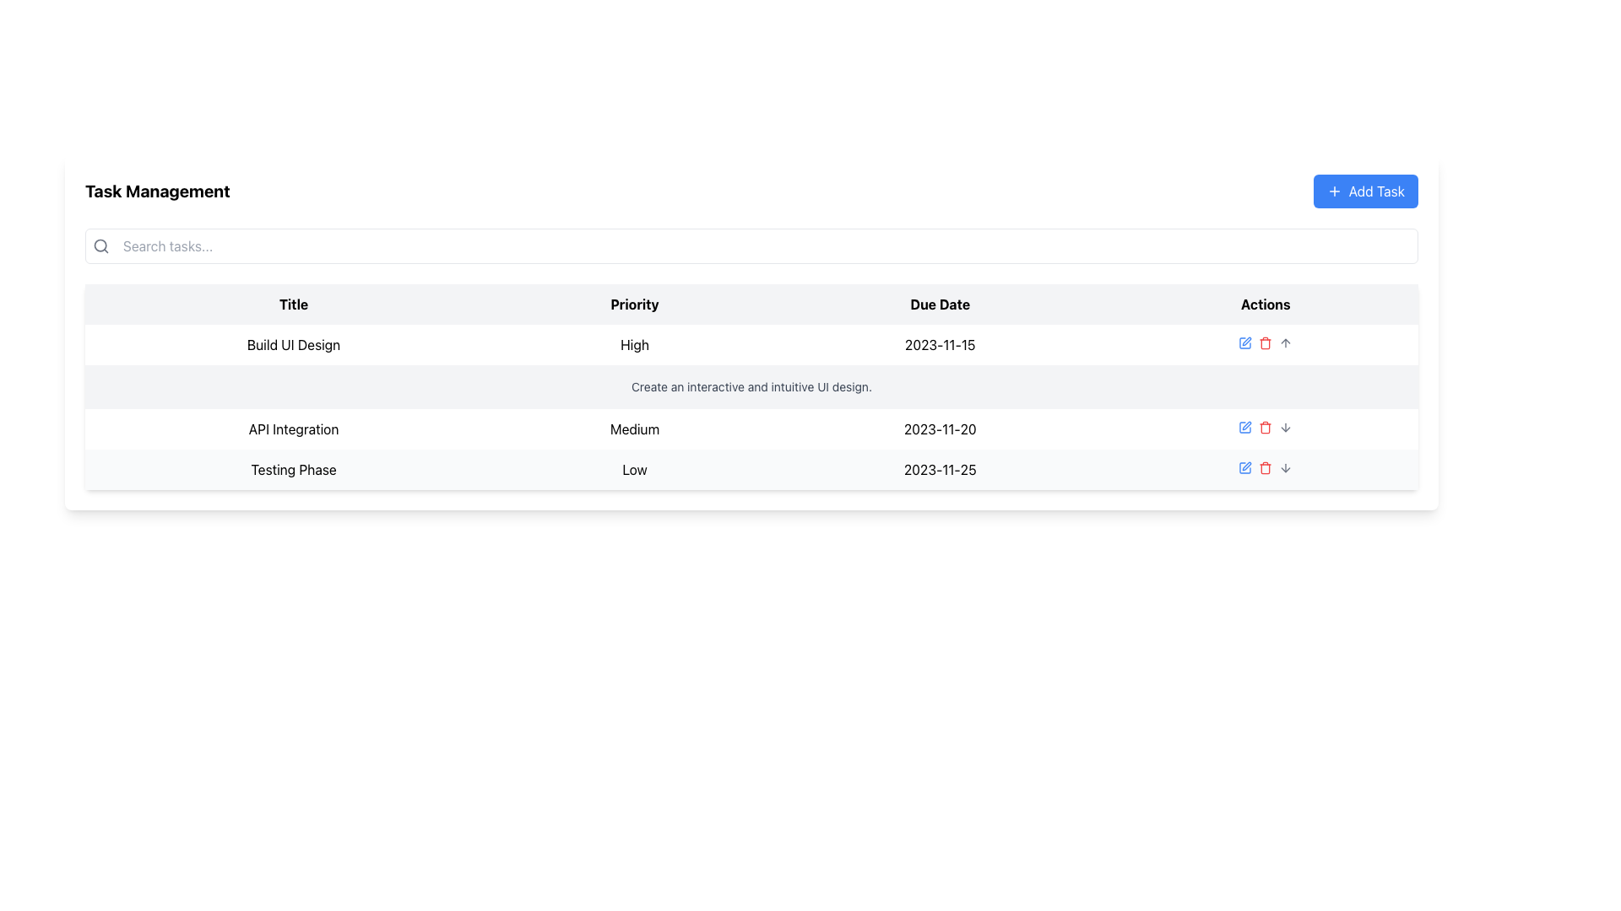 Image resolution: width=1621 pixels, height=911 pixels. What do you see at coordinates (634, 469) in the screenshot?
I see `the text label displaying 'Low'` at bounding box center [634, 469].